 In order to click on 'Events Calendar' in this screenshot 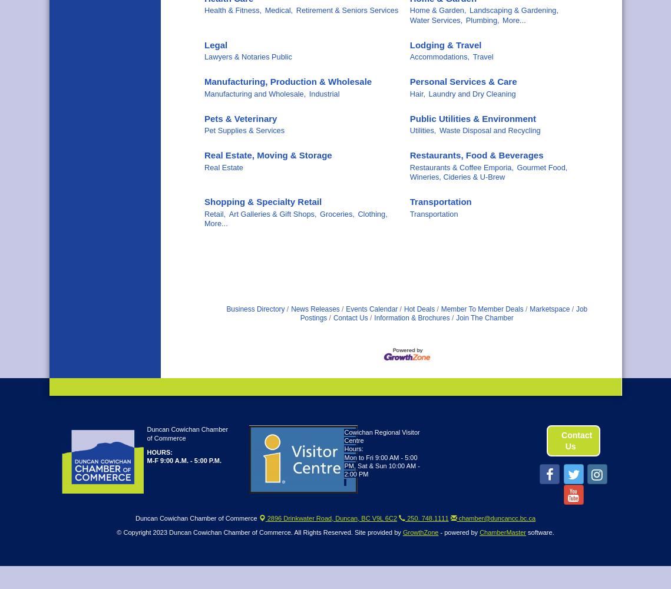, I will do `click(371, 309)`.